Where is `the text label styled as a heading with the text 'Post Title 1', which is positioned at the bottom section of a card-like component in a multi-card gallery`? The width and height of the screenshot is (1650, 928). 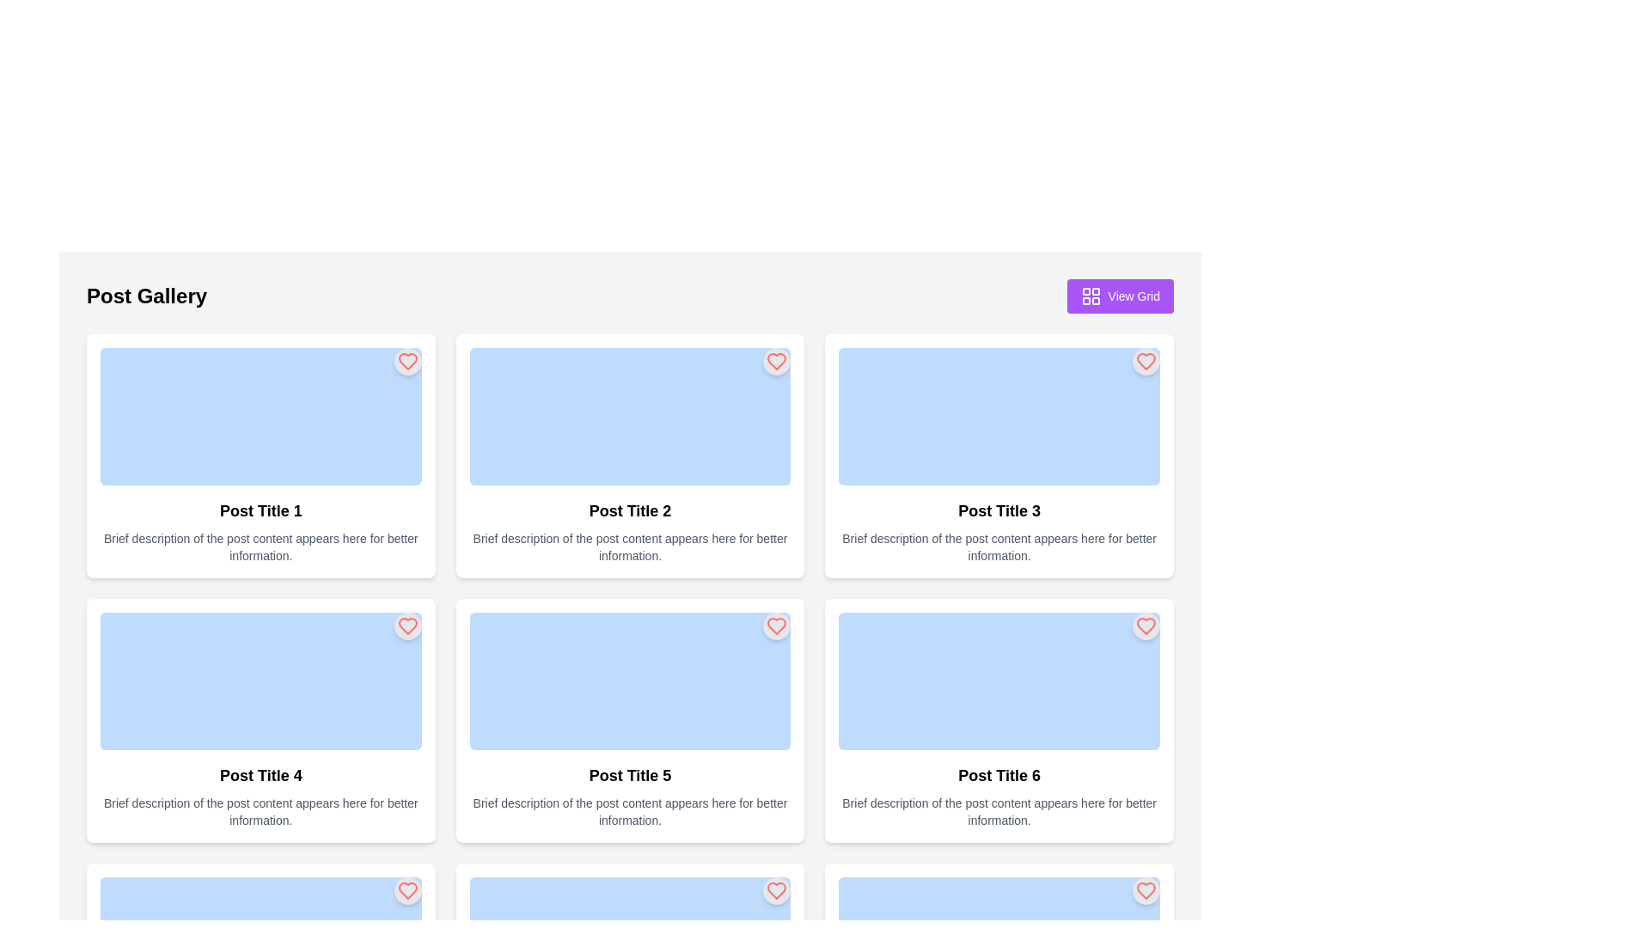
the text label styled as a heading with the text 'Post Title 1', which is positioned at the bottom section of a card-like component in a multi-card gallery is located at coordinates (260, 510).